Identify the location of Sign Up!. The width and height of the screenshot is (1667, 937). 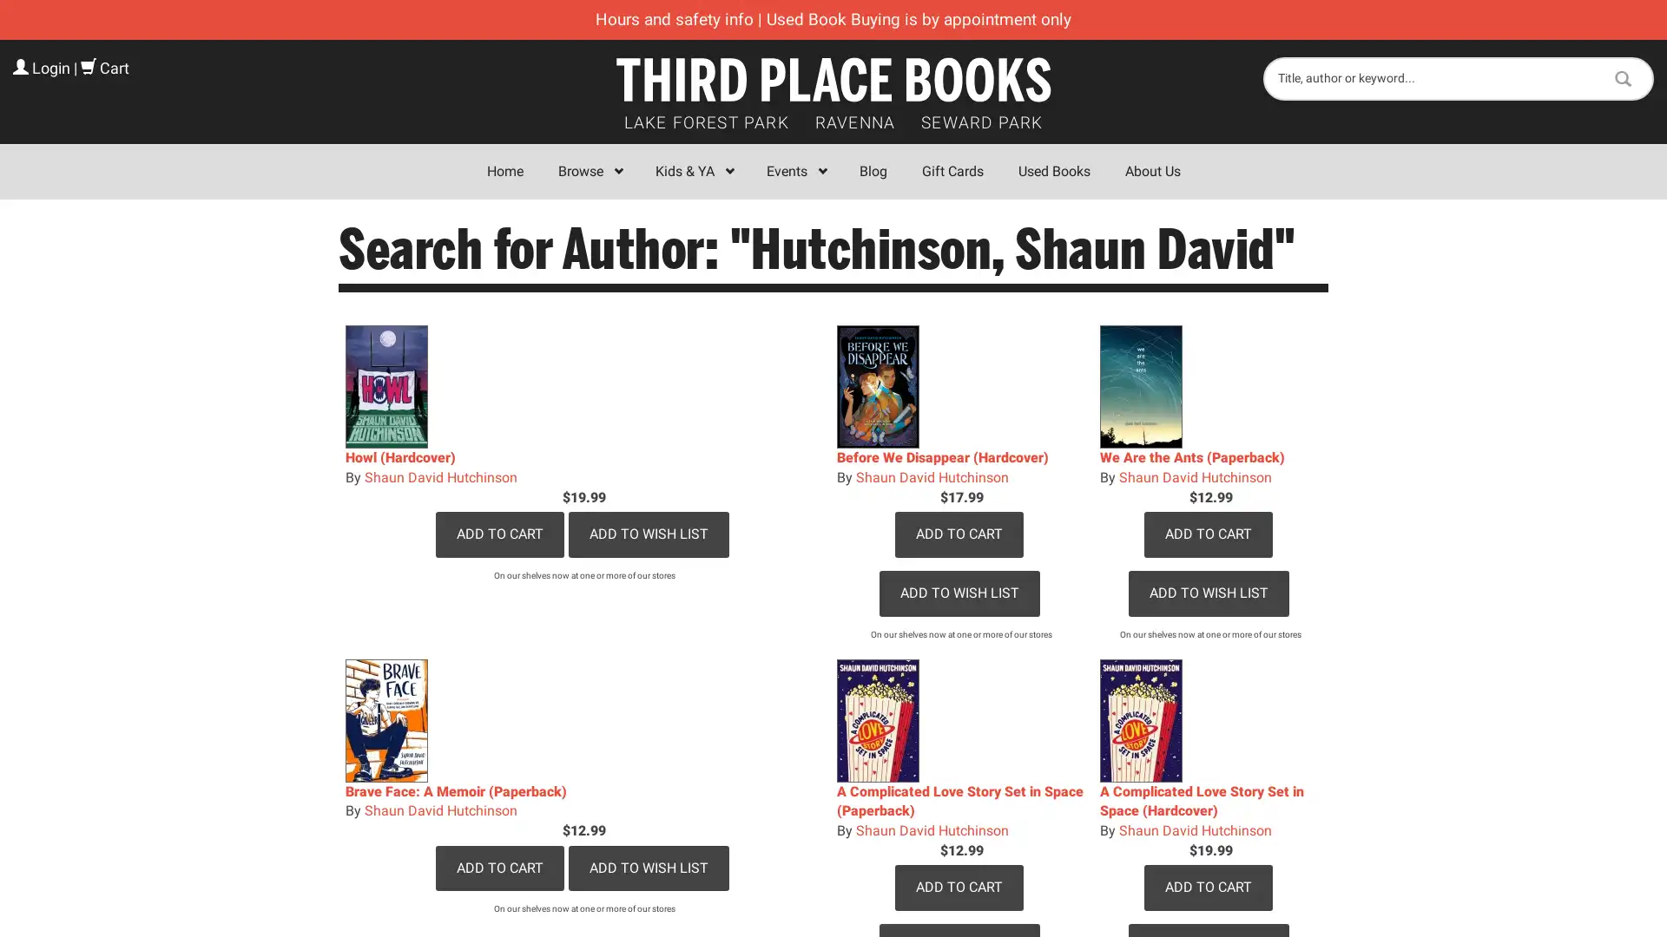
(833, 645).